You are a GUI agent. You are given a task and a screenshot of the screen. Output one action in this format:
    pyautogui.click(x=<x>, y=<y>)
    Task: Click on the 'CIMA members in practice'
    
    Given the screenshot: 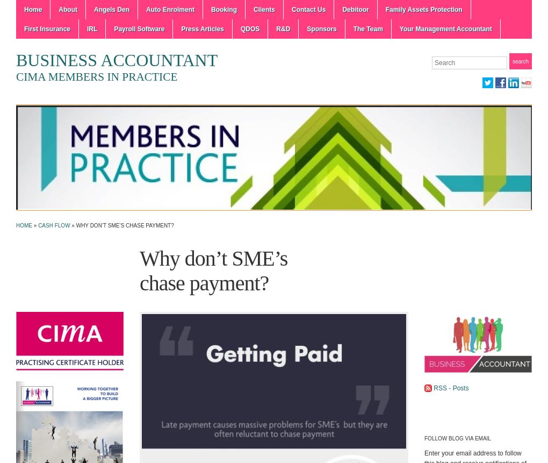 What is the action you would take?
    pyautogui.click(x=15, y=76)
    